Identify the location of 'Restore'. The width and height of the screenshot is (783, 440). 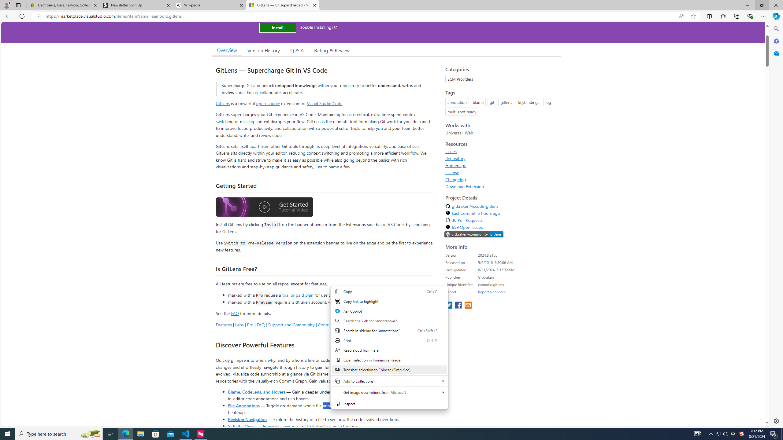
(762, 5).